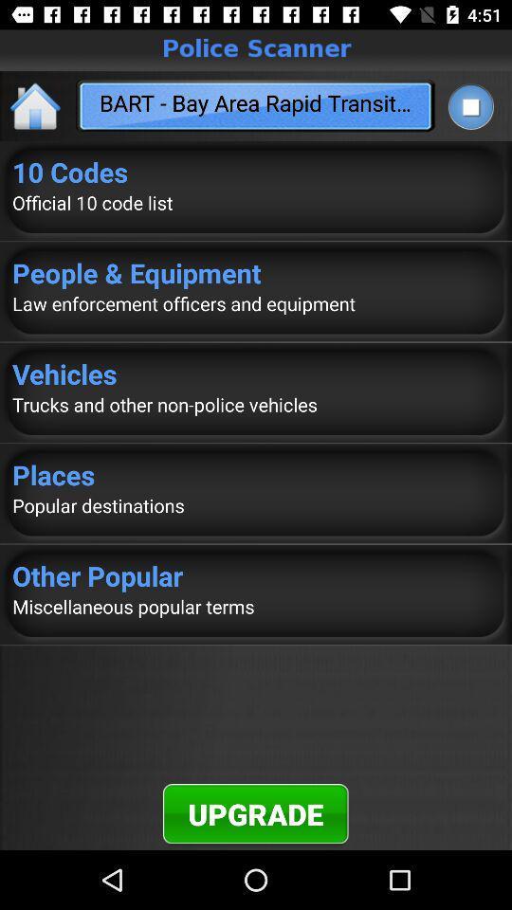  What do you see at coordinates (256, 404) in the screenshot?
I see `trucks and other icon` at bounding box center [256, 404].